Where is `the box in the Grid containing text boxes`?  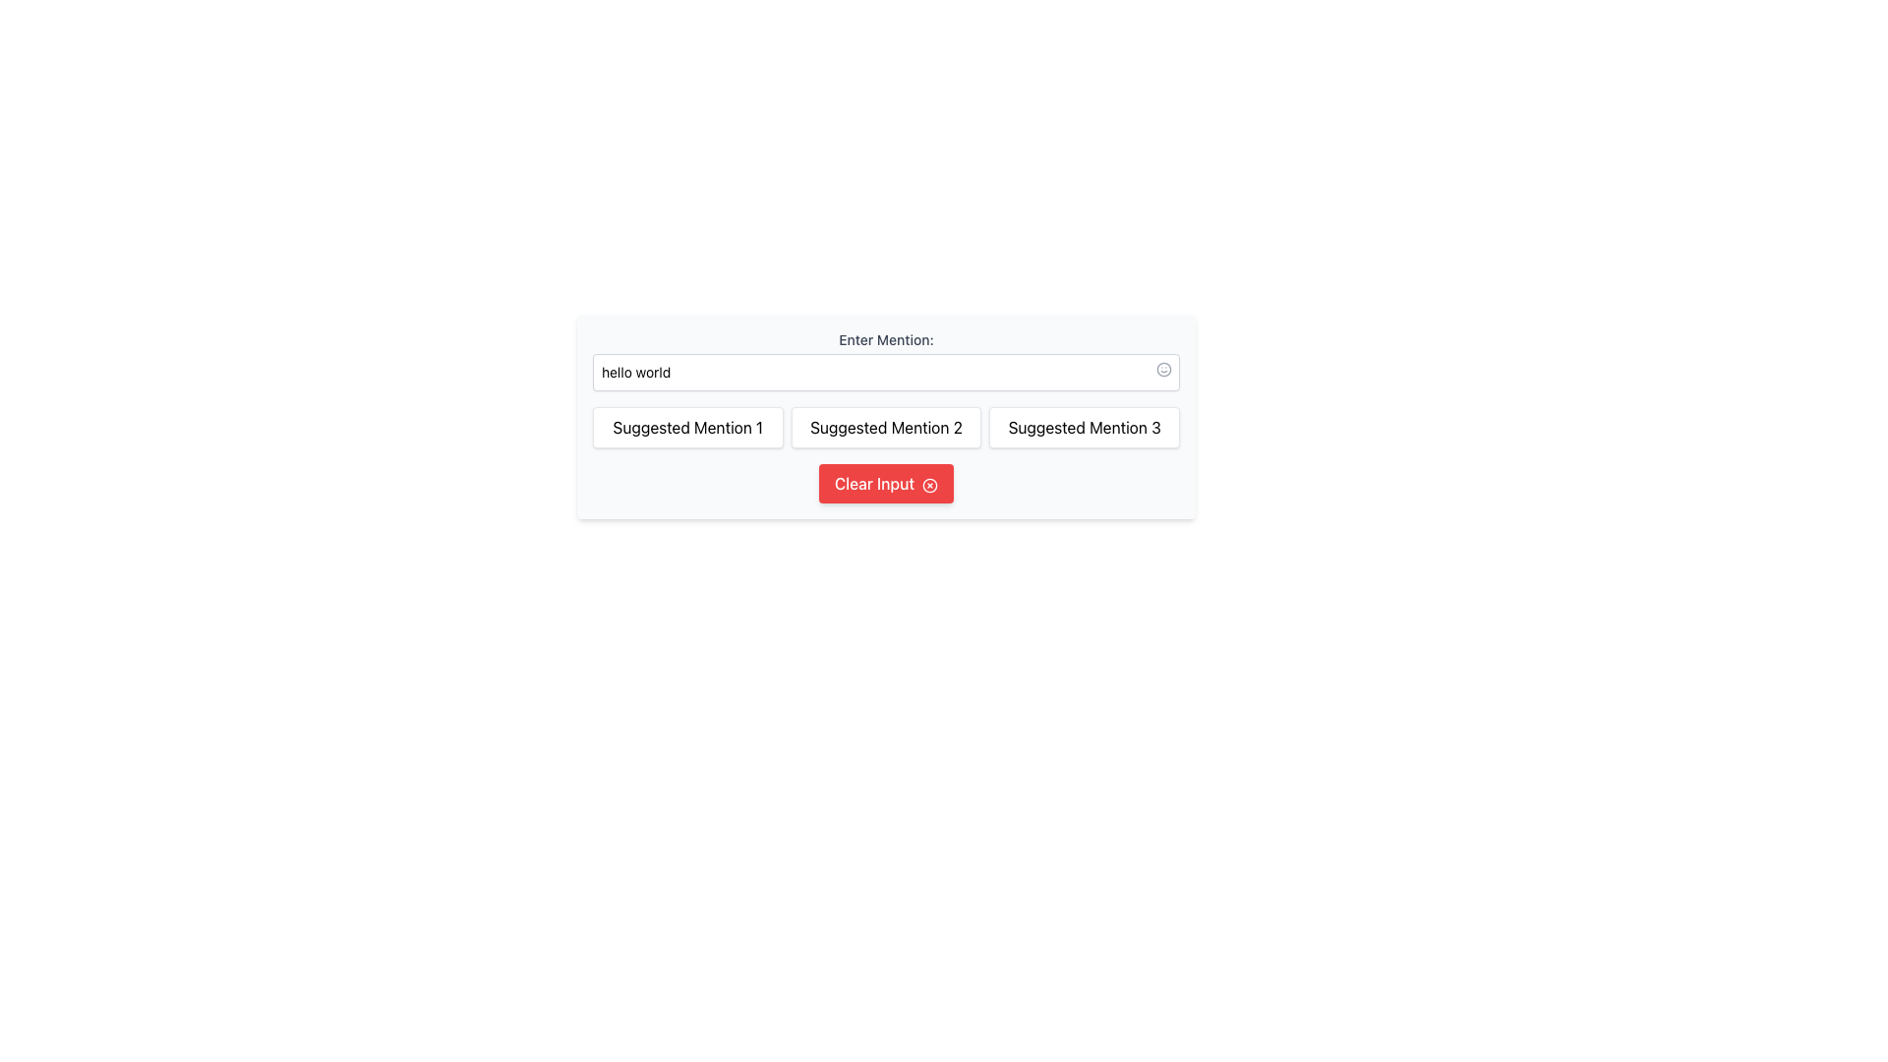 the box in the Grid containing text boxes is located at coordinates (885, 427).